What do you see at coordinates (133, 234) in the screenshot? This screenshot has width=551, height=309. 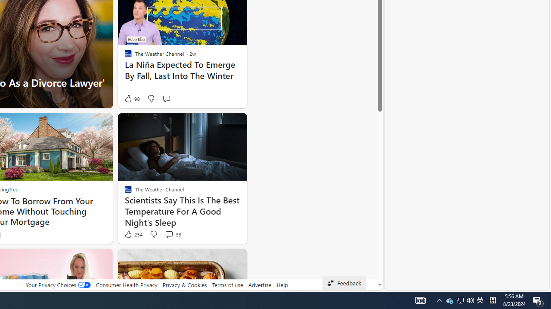 I see `'254 Like'` at bounding box center [133, 234].